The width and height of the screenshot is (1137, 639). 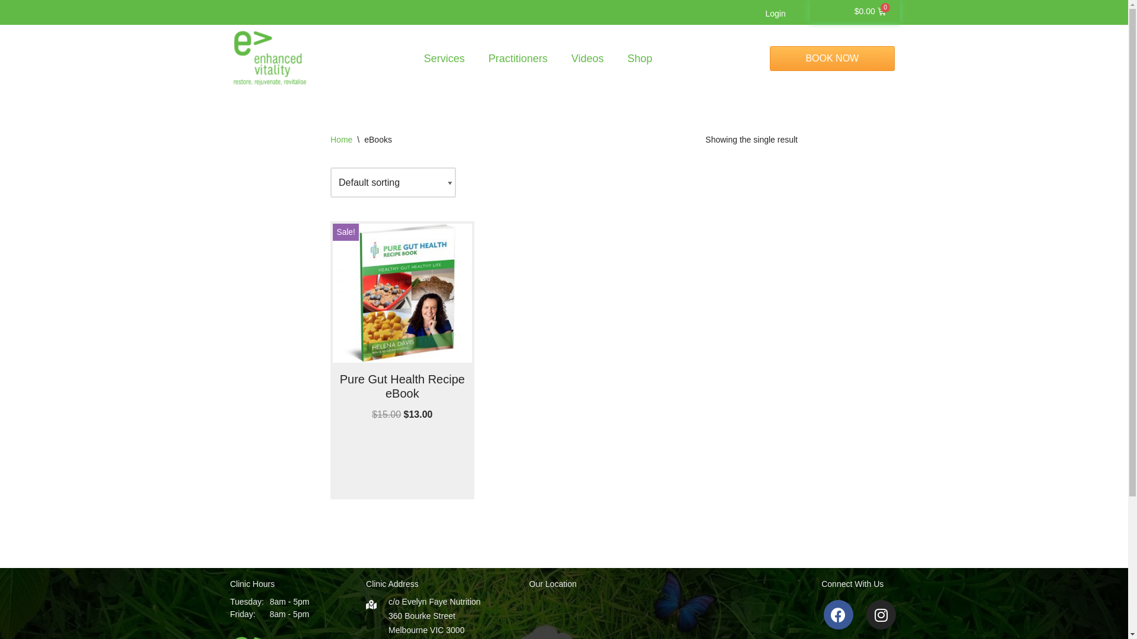 What do you see at coordinates (412, 59) in the screenshot?
I see `'Services'` at bounding box center [412, 59].